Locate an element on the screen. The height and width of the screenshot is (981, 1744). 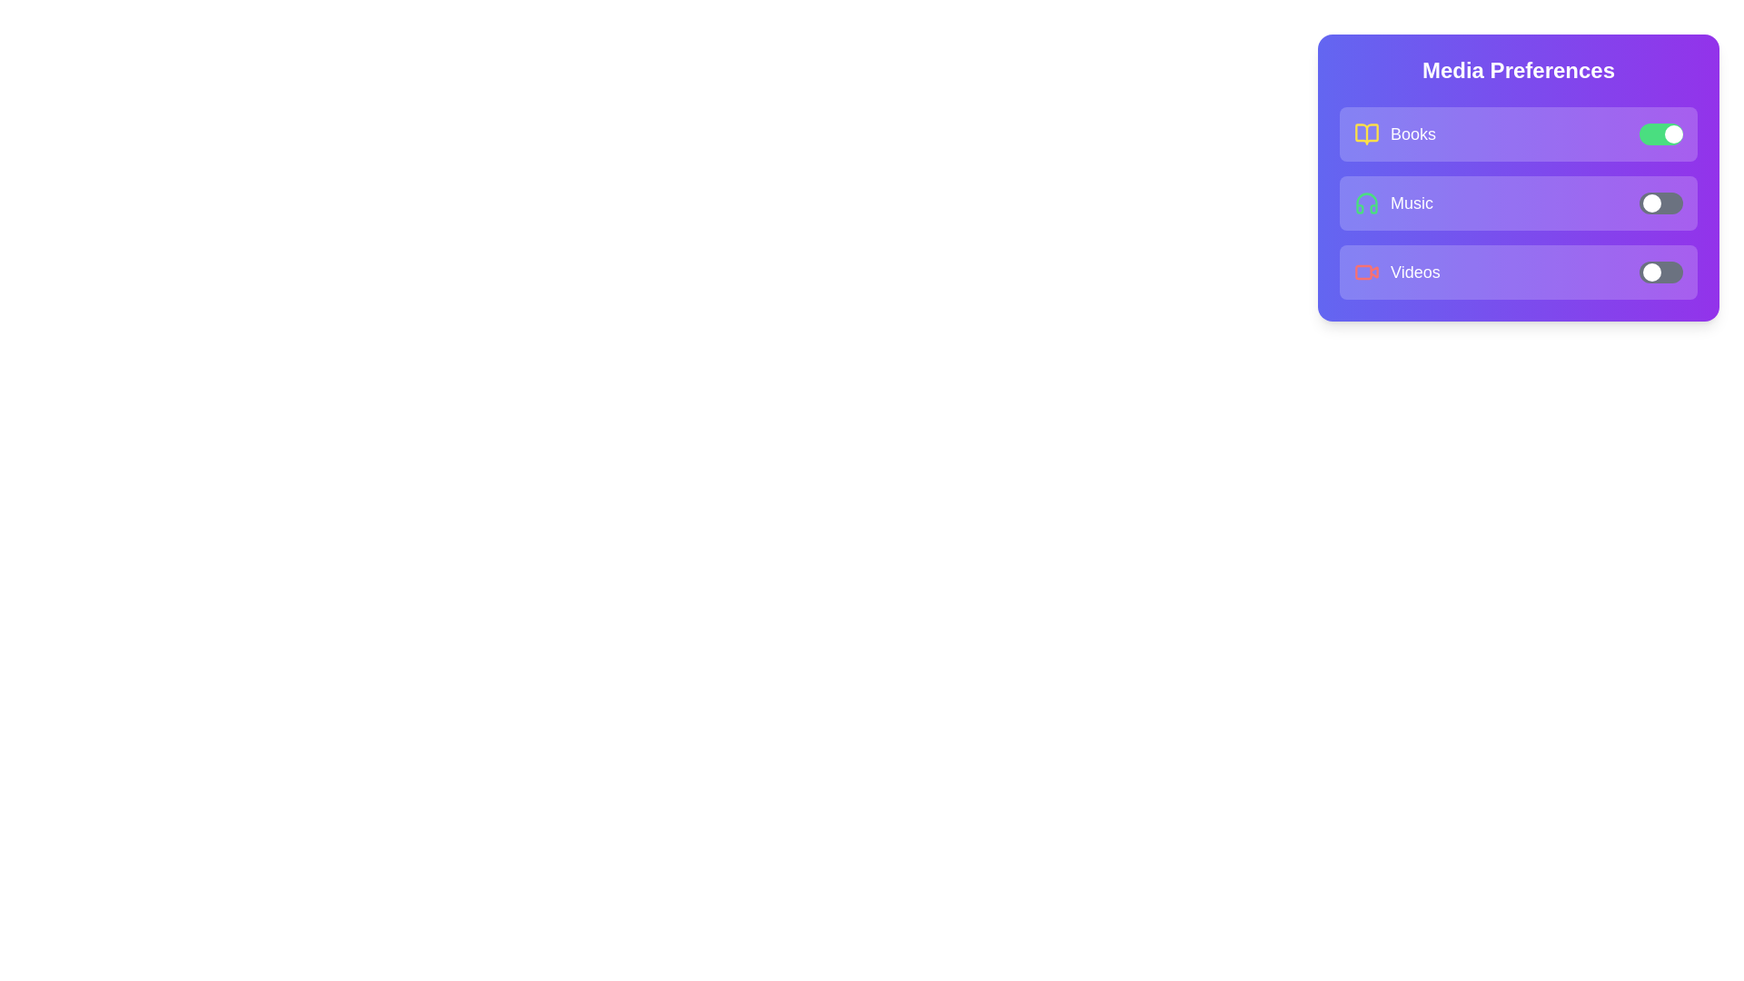
the toggle switch in the third toggleable preference section for videos to change its state is located at coordinates (1518, 272).